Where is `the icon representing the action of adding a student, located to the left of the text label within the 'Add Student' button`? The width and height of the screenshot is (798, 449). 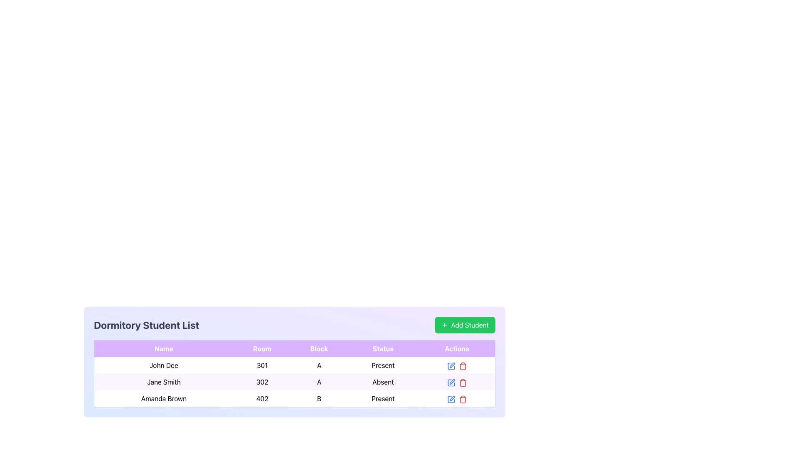 the icon representing the action of adding a student, located to the left of the text label within the 'Add Student' button is located at coordinates (444, 325).